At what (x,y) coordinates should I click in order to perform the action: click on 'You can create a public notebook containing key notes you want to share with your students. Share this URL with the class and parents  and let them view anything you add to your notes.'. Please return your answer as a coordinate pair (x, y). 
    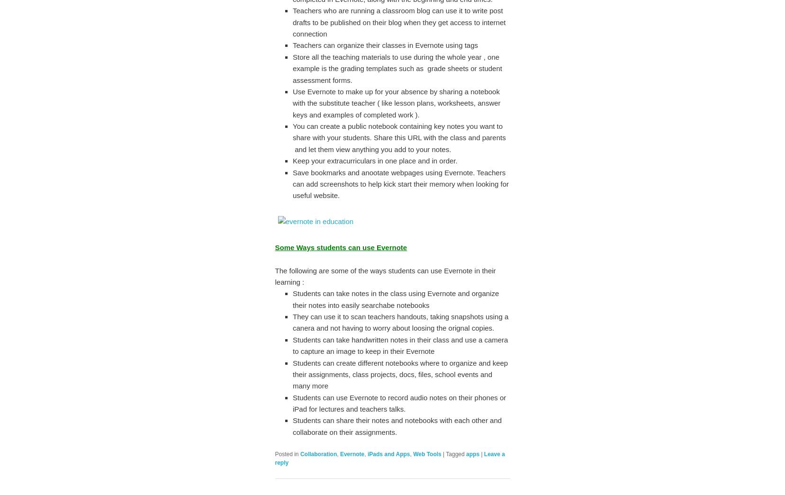
    Looking at the image, I should click on (399, 137).